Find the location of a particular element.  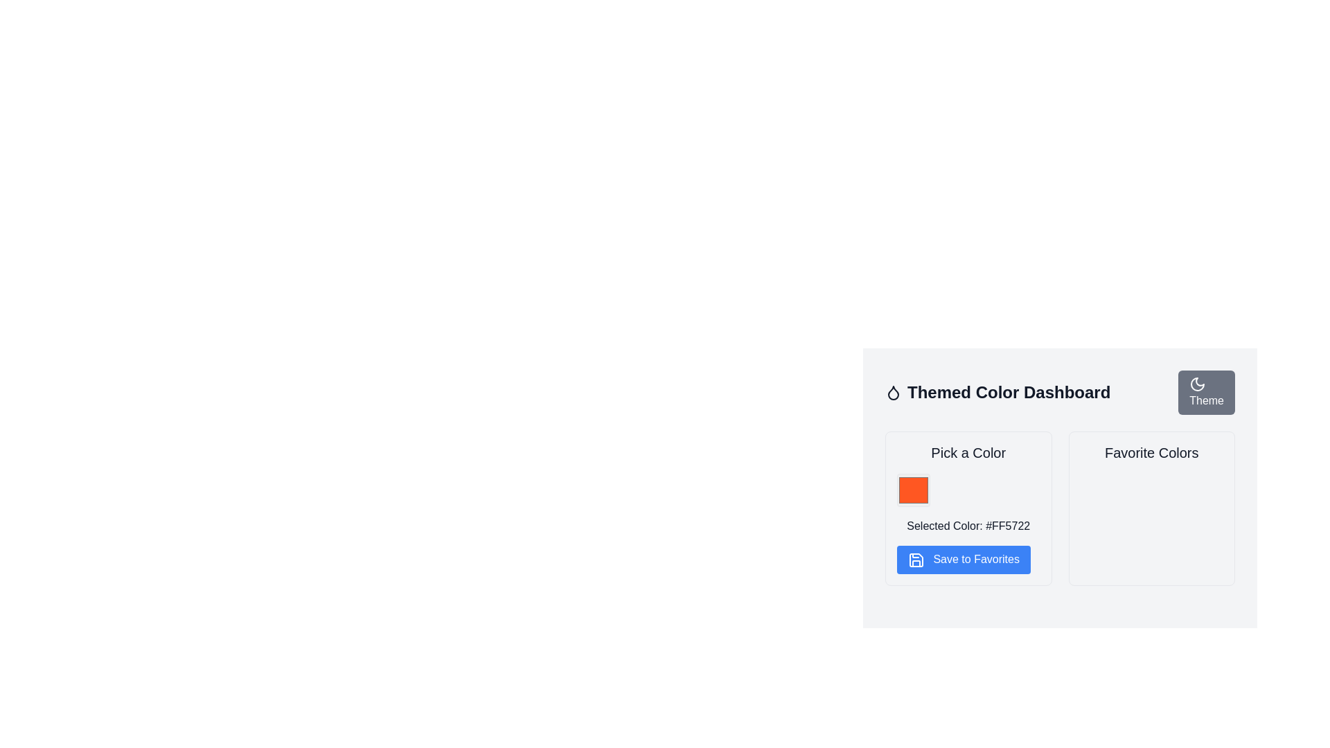

the text label displaying the selected color '#FF5722', located below the color-selection area in the 'Pick a Color' section, between the color block and the 'Save to Favorites' button is located at coordinates (968, 526).